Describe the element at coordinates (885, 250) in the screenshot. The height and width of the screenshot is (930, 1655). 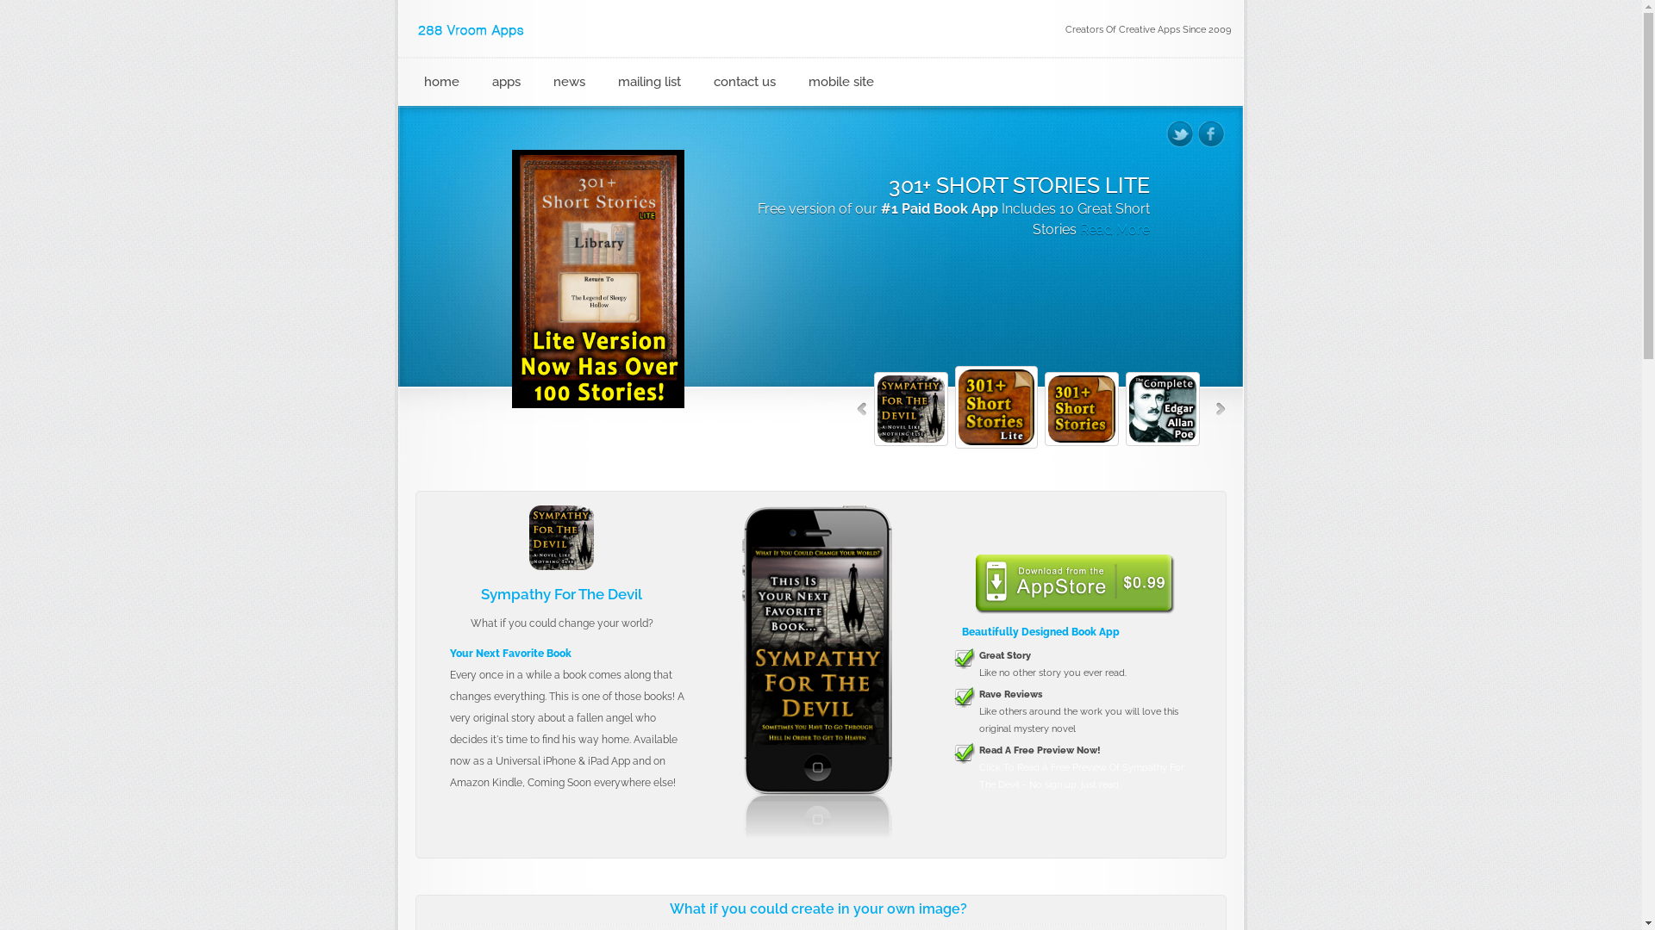
I see `'Read More'` at that location.